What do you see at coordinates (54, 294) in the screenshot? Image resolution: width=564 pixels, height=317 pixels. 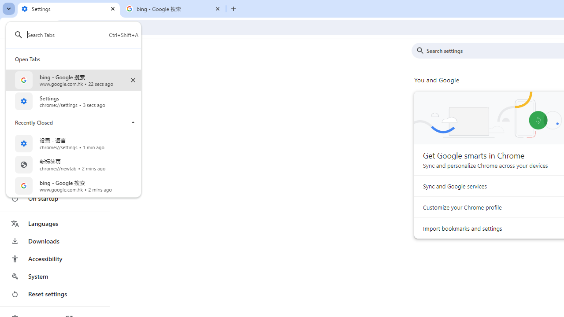 I see `'Reset settings'` at bounding box center [54, 294].